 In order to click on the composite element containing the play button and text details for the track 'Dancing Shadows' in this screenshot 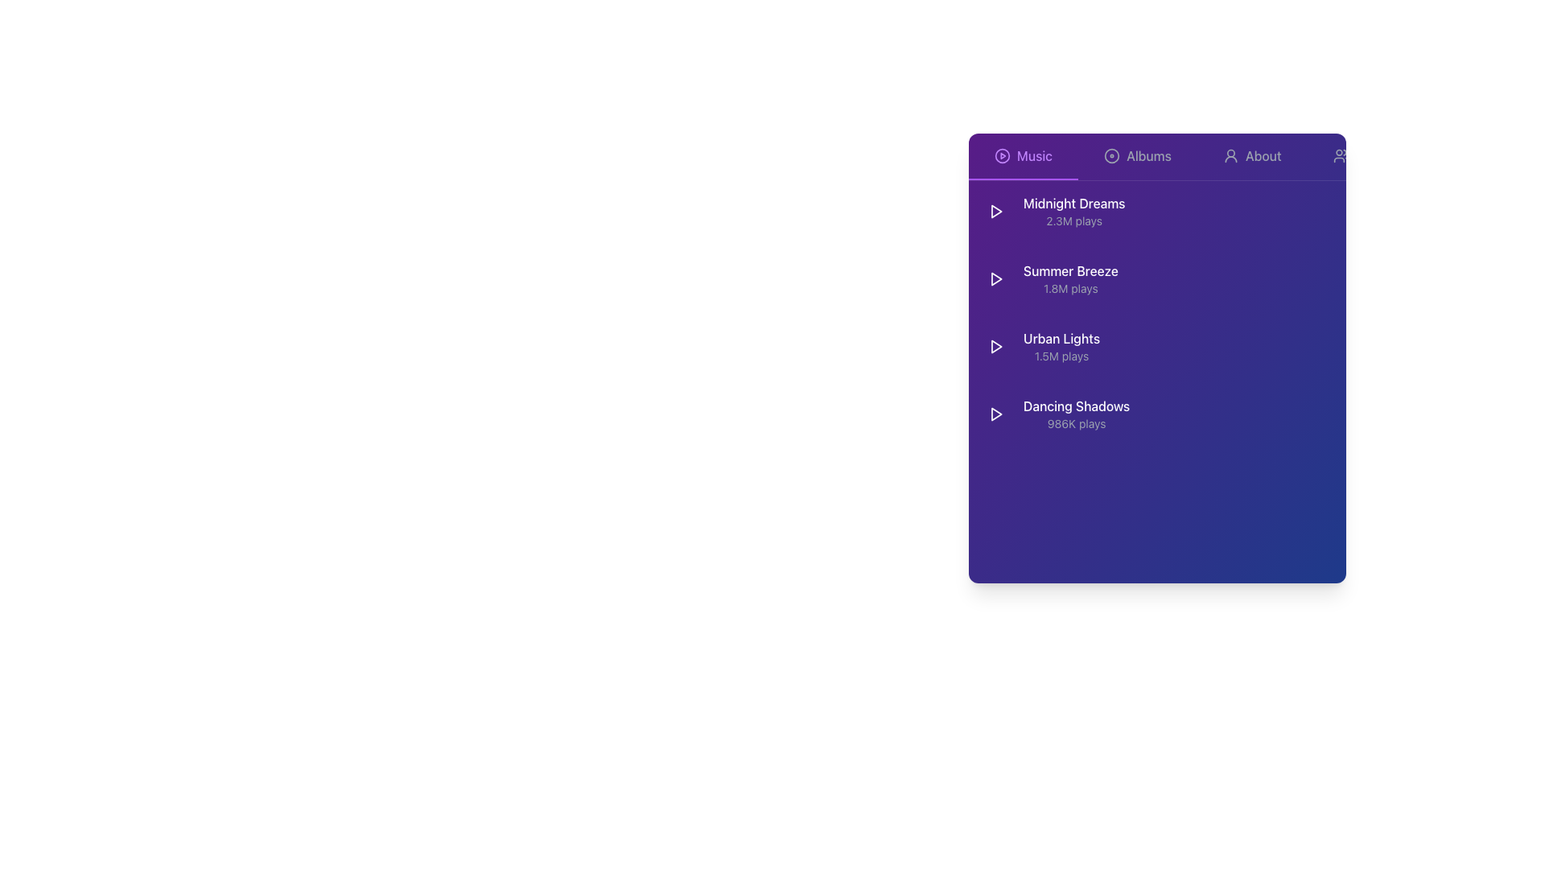, I will do `click(1056, 414)`.